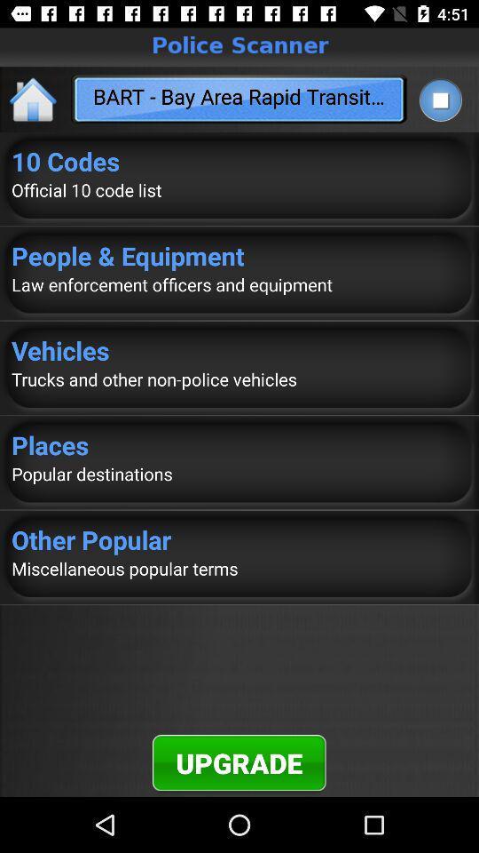 This screenshot has height=853, width=479. Describe the element at coordinates (239, 473) in the screenshot. I see `icon below places item` at that location.